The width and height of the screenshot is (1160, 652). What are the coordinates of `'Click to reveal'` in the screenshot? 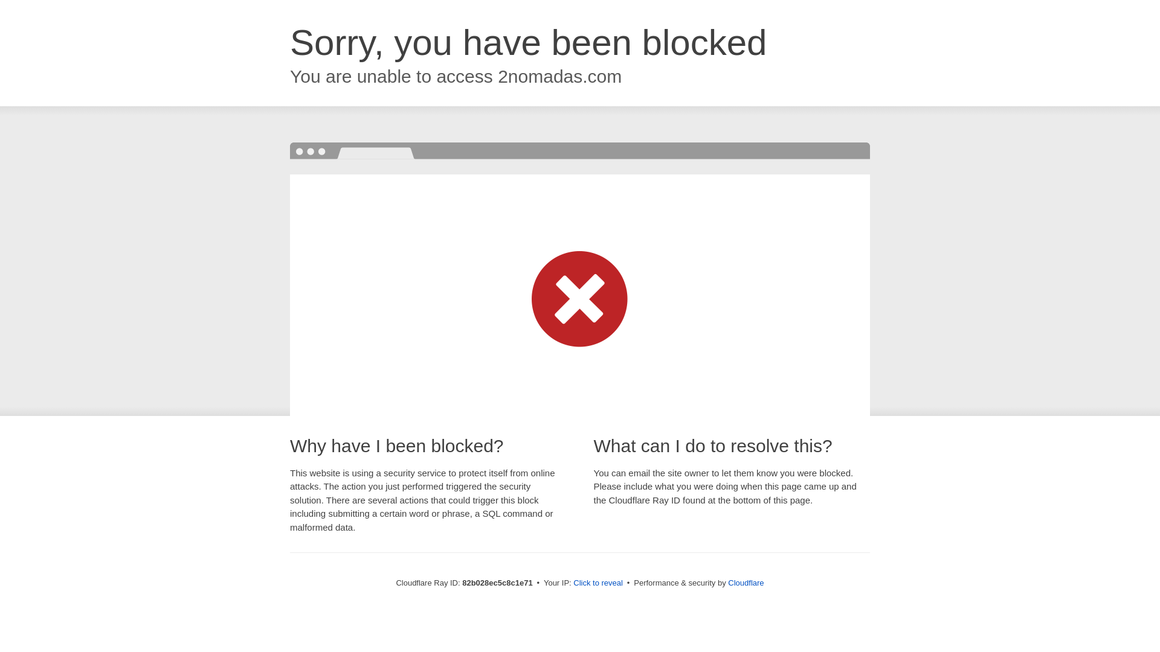 It's located at (598, 582).